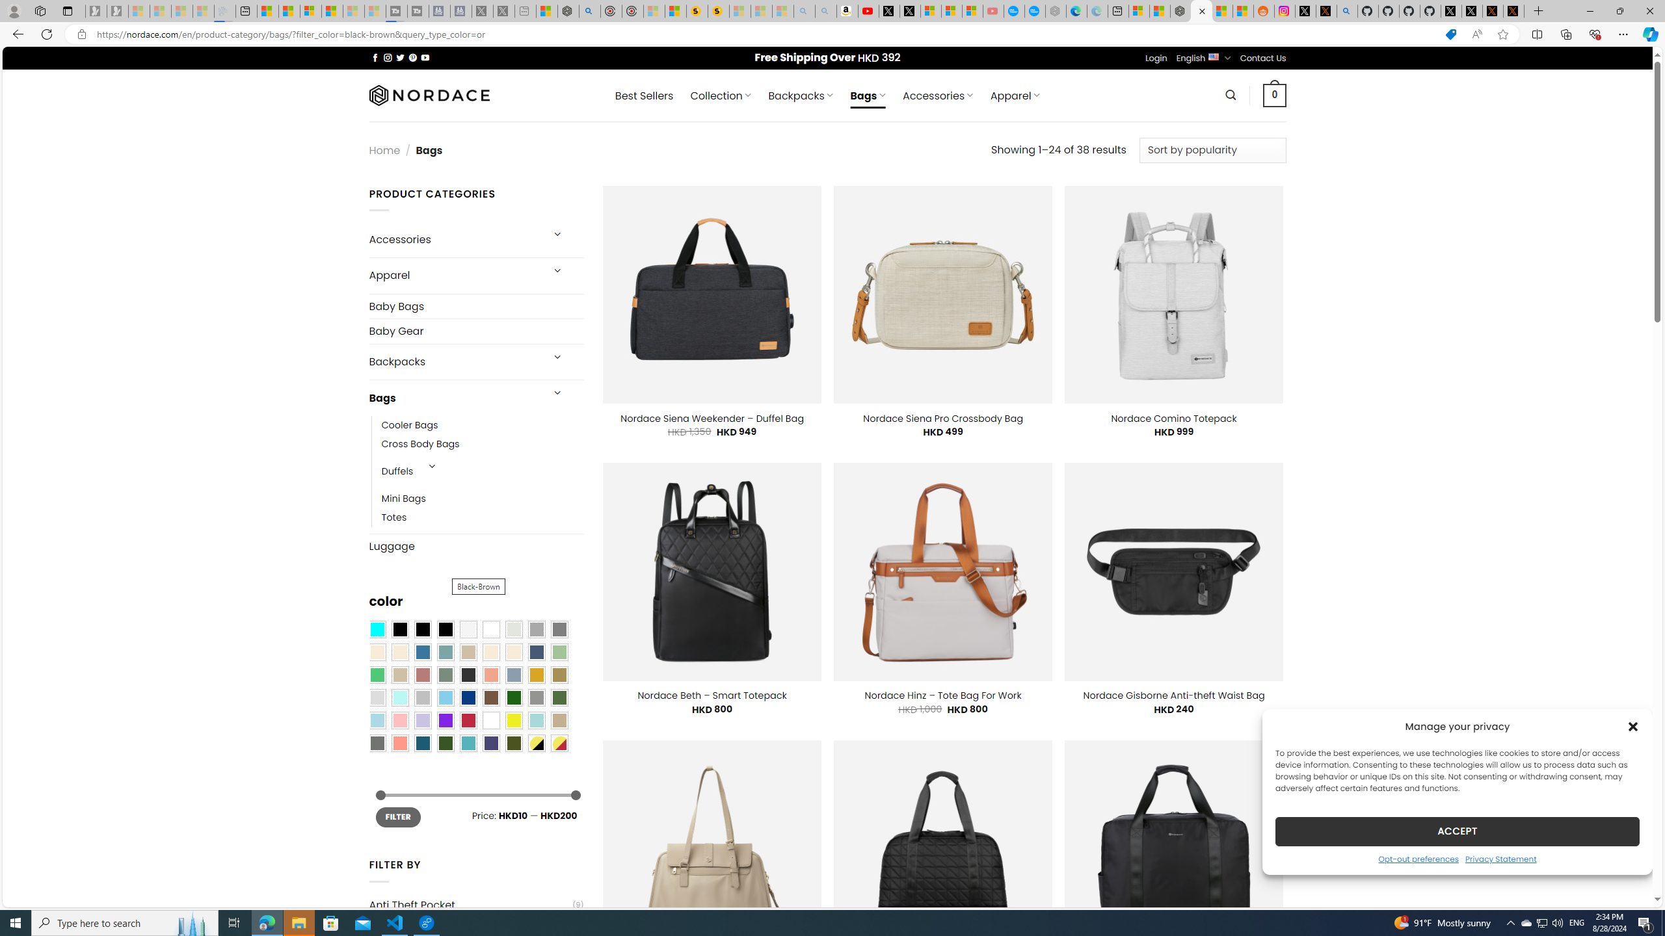 This screenshot has height=936, width=1665. I want to click on 'Cooler Bags', so click(408, 425).